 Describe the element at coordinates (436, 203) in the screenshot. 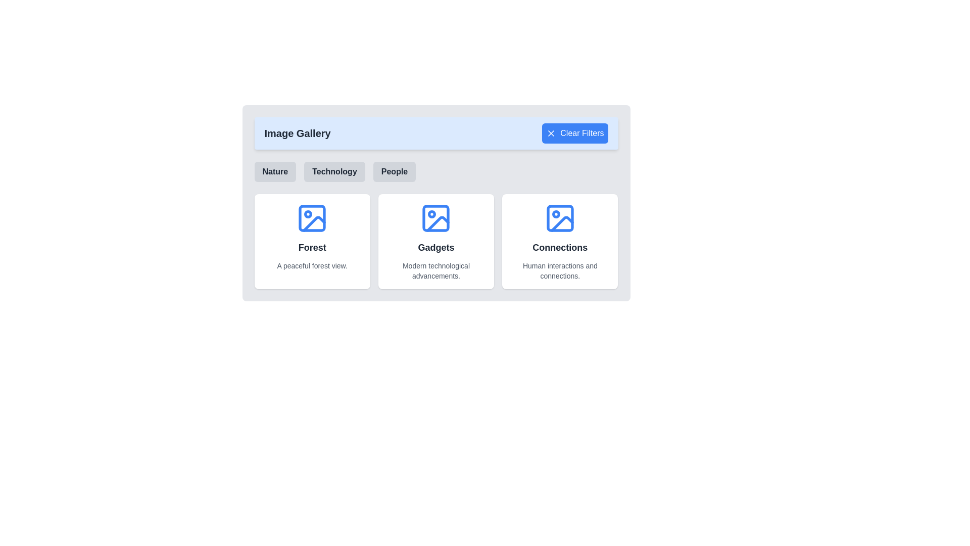

I see `the Informational Card that provides information about 'Gadgets', located in the second column of a three-column grid layout, below the filter buttons labeled 'Nature', 'Technology', and 'People'` at that location.